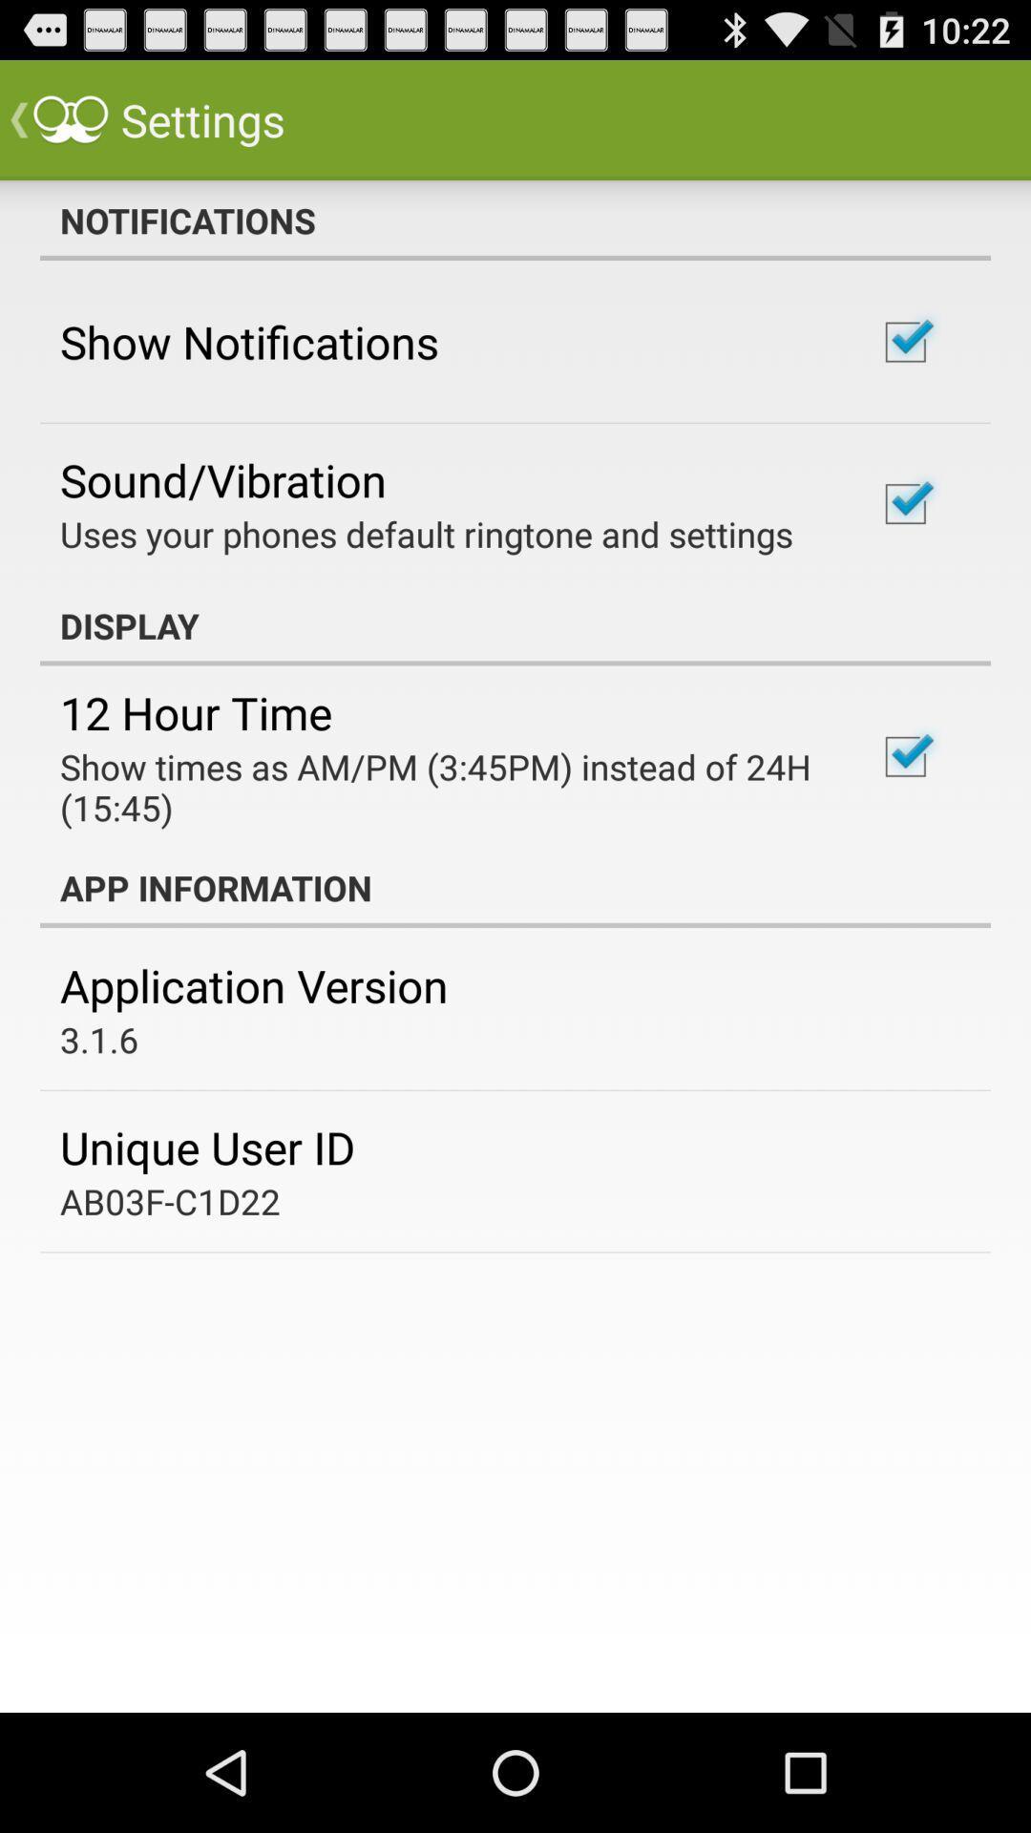 Image resolution: width=1031 pixels, height=1833 pixels. I want to click on app above 12 hour time icon, so click(515, 625).